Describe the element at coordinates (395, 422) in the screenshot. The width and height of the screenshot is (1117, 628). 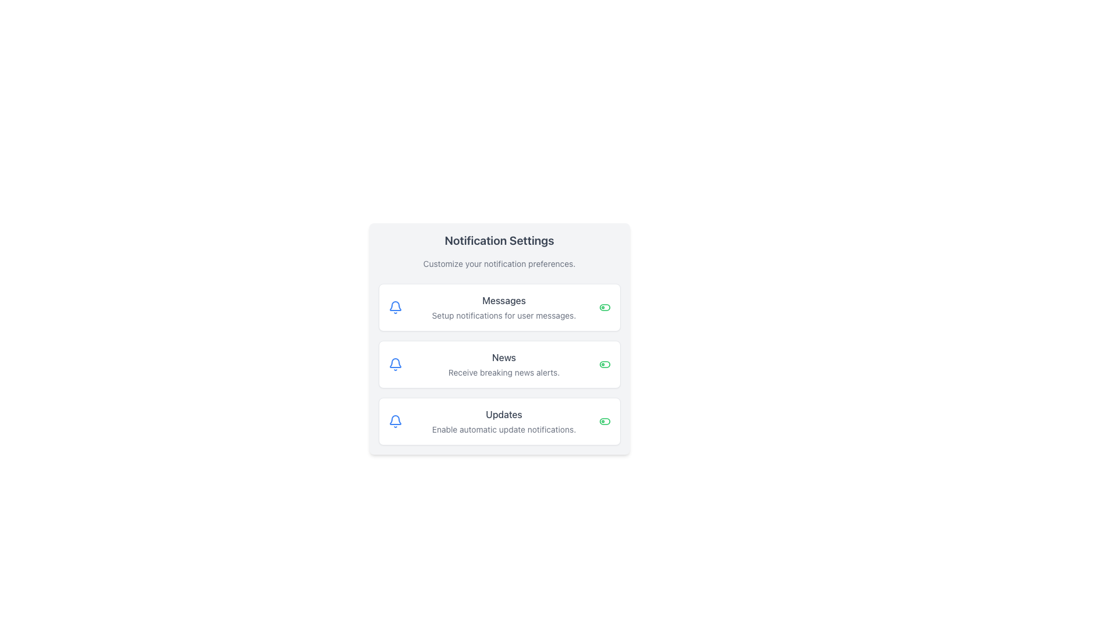
I see `the blue notification bell icon located in the third row of the Notification Settings panel, positioned to the left of the text 'Updates'` at that location.